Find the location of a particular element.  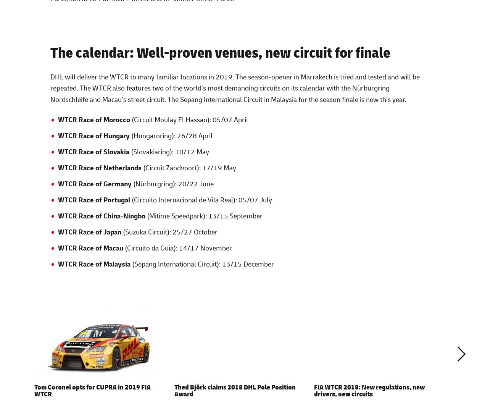

'WTCR Race of Portugal' is located at coordinates (93, 199).